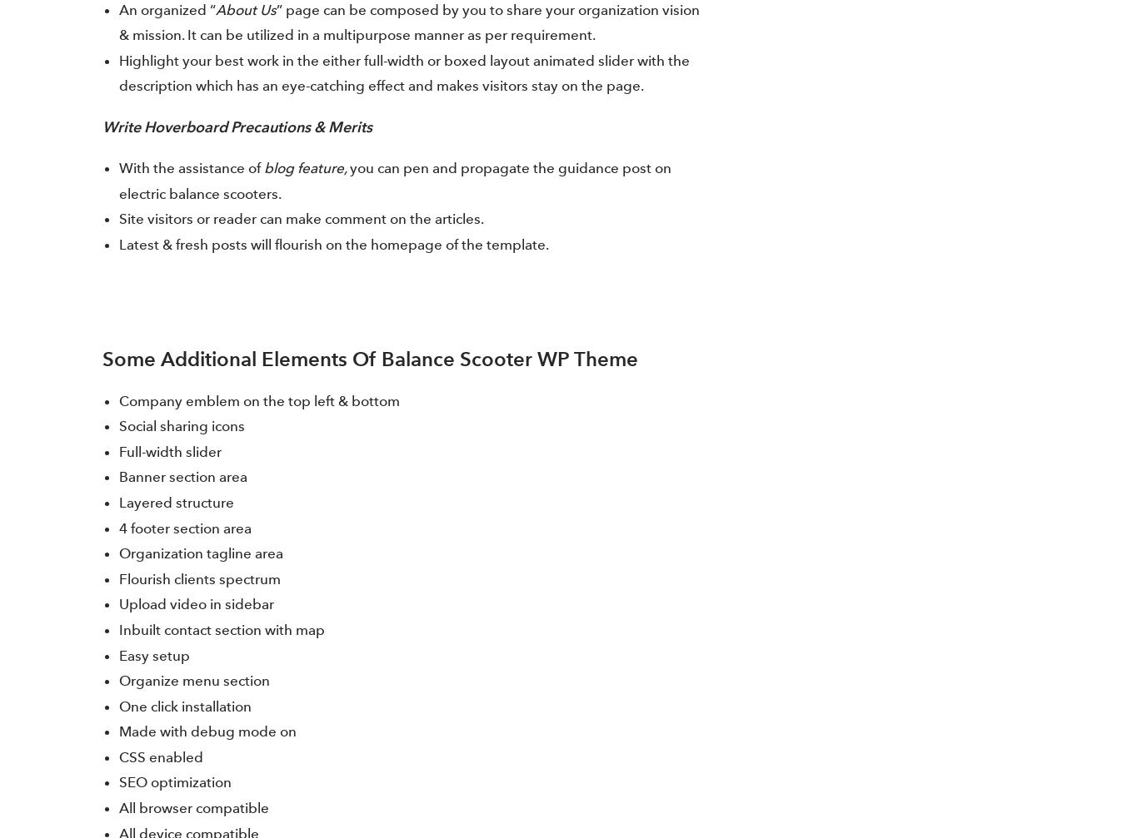 The image size is (1138, 838). I want to click on 'Flourish clients spectrum', so click(200, 578).